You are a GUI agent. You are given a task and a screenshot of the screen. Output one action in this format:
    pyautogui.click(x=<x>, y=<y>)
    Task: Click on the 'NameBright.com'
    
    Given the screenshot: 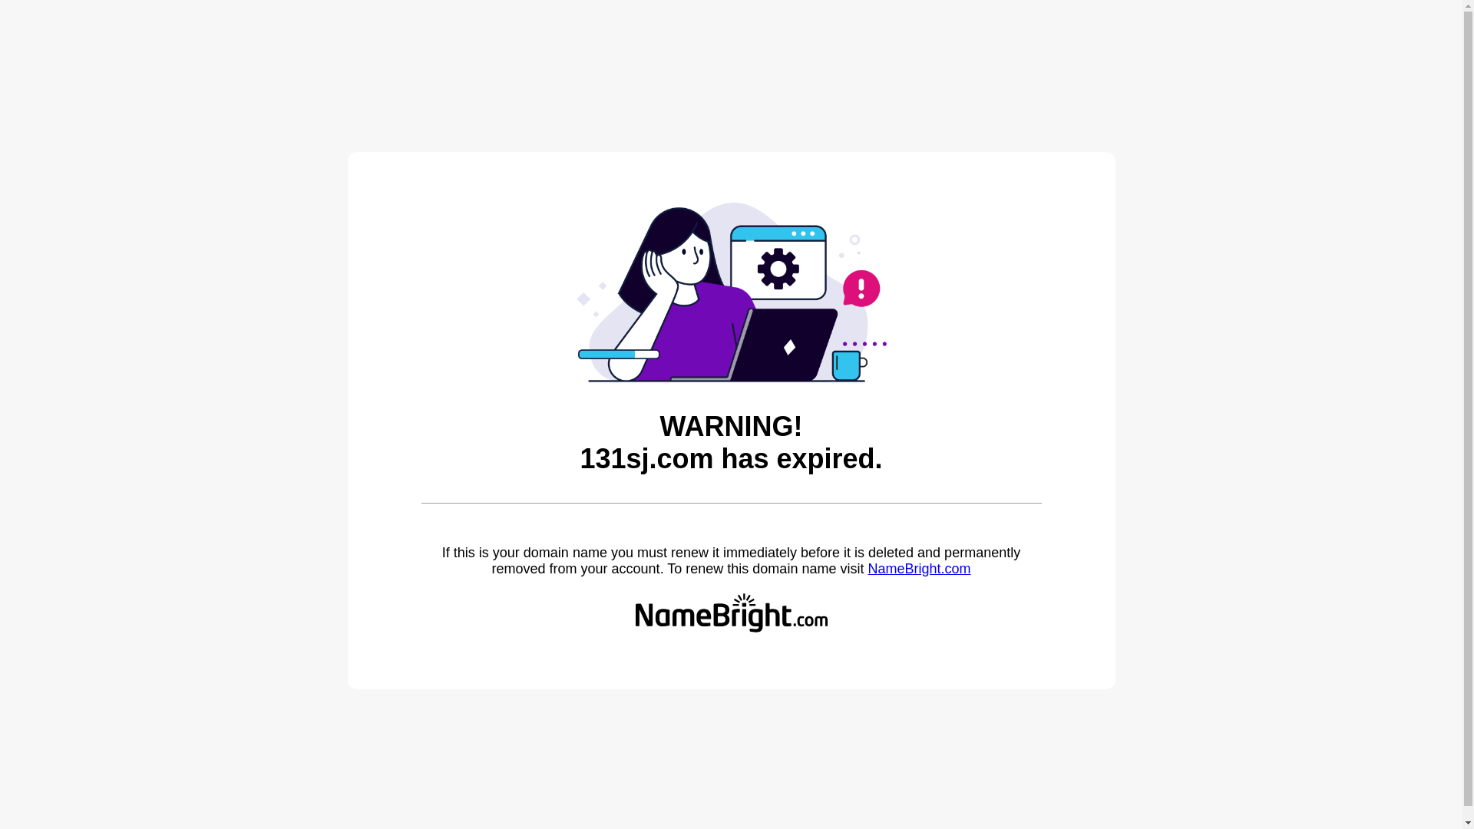 What is the action you would take?
    pyautogui.click(x=918, y=568)
    